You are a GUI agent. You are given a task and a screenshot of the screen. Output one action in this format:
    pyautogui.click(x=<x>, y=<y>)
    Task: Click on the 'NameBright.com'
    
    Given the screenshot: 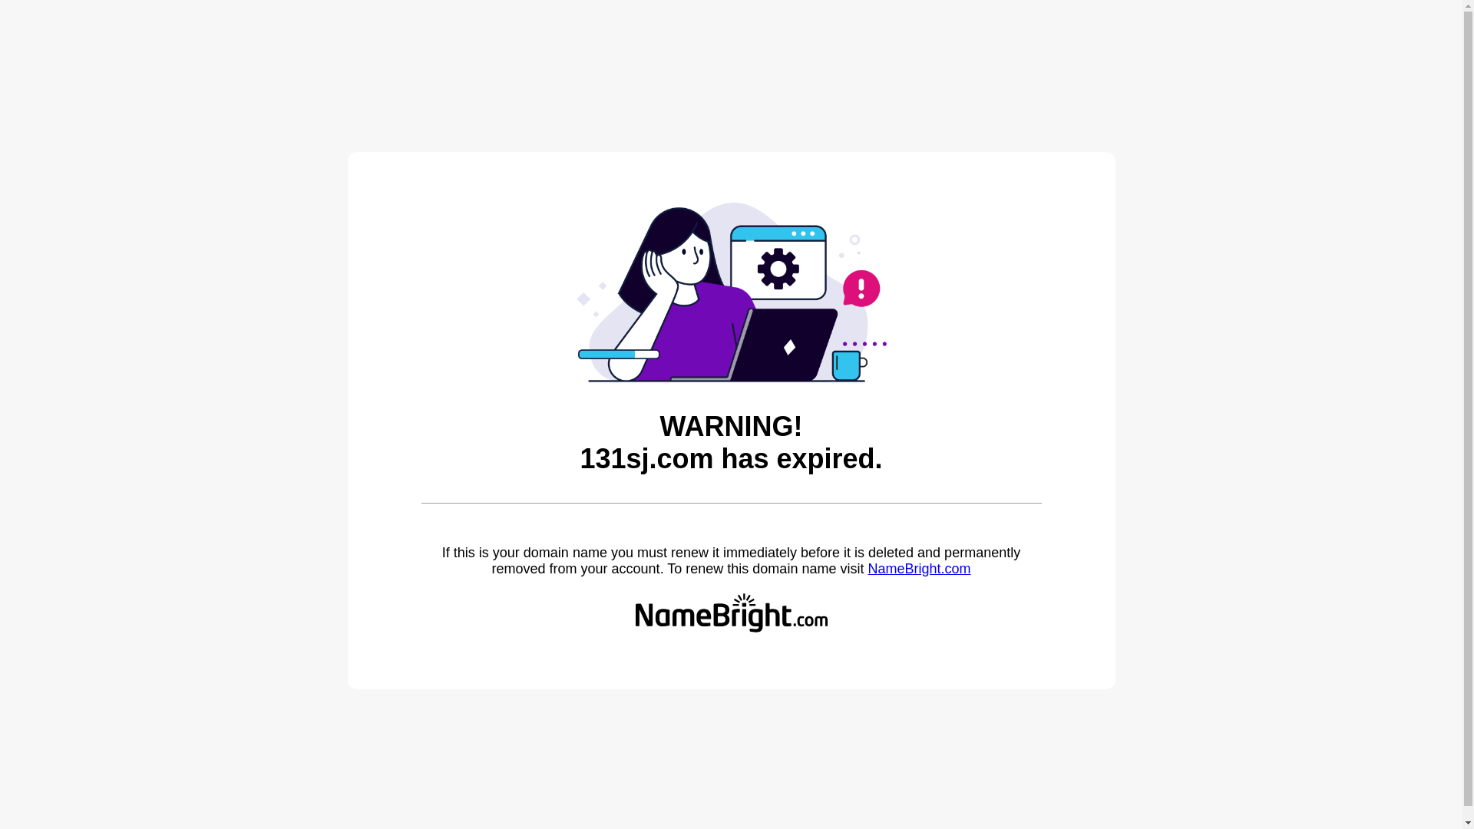 What is the action you would take?
    pyautogui.click(x=918, y=568)
    